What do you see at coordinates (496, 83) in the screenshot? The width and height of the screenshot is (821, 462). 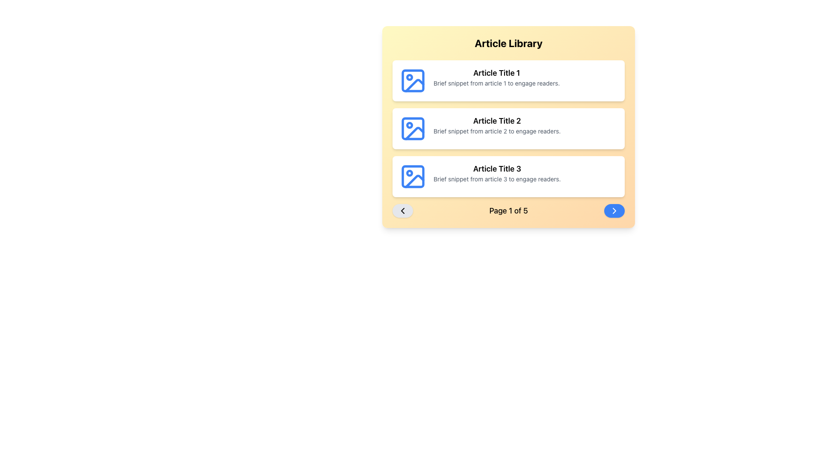 I see `text element styled in small gray font that contains the content 'Brief snippet from article 1 to engage readers.', which is located beneath the title 'Article Title 1' in the first article entry` at bounding box center [496, 83].